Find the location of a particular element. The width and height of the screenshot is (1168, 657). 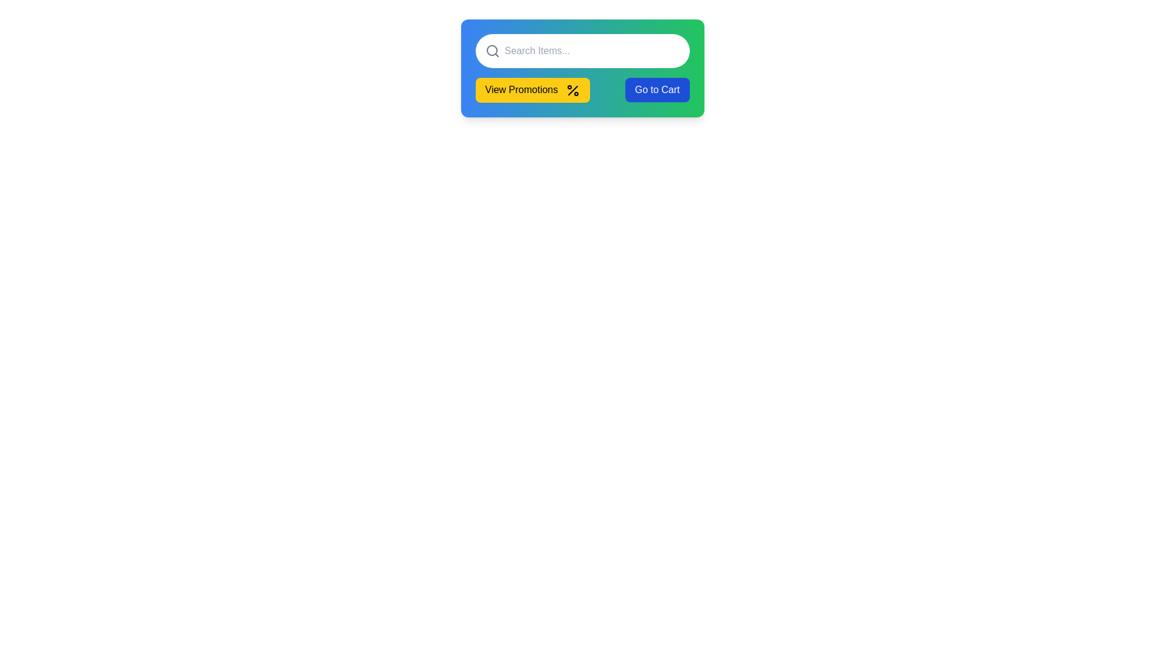

the diagonal line segment of the SVG icon that is part of a percentage symbol, located to the right of the 'View Promotions' button is located at coordinates (572, 89).